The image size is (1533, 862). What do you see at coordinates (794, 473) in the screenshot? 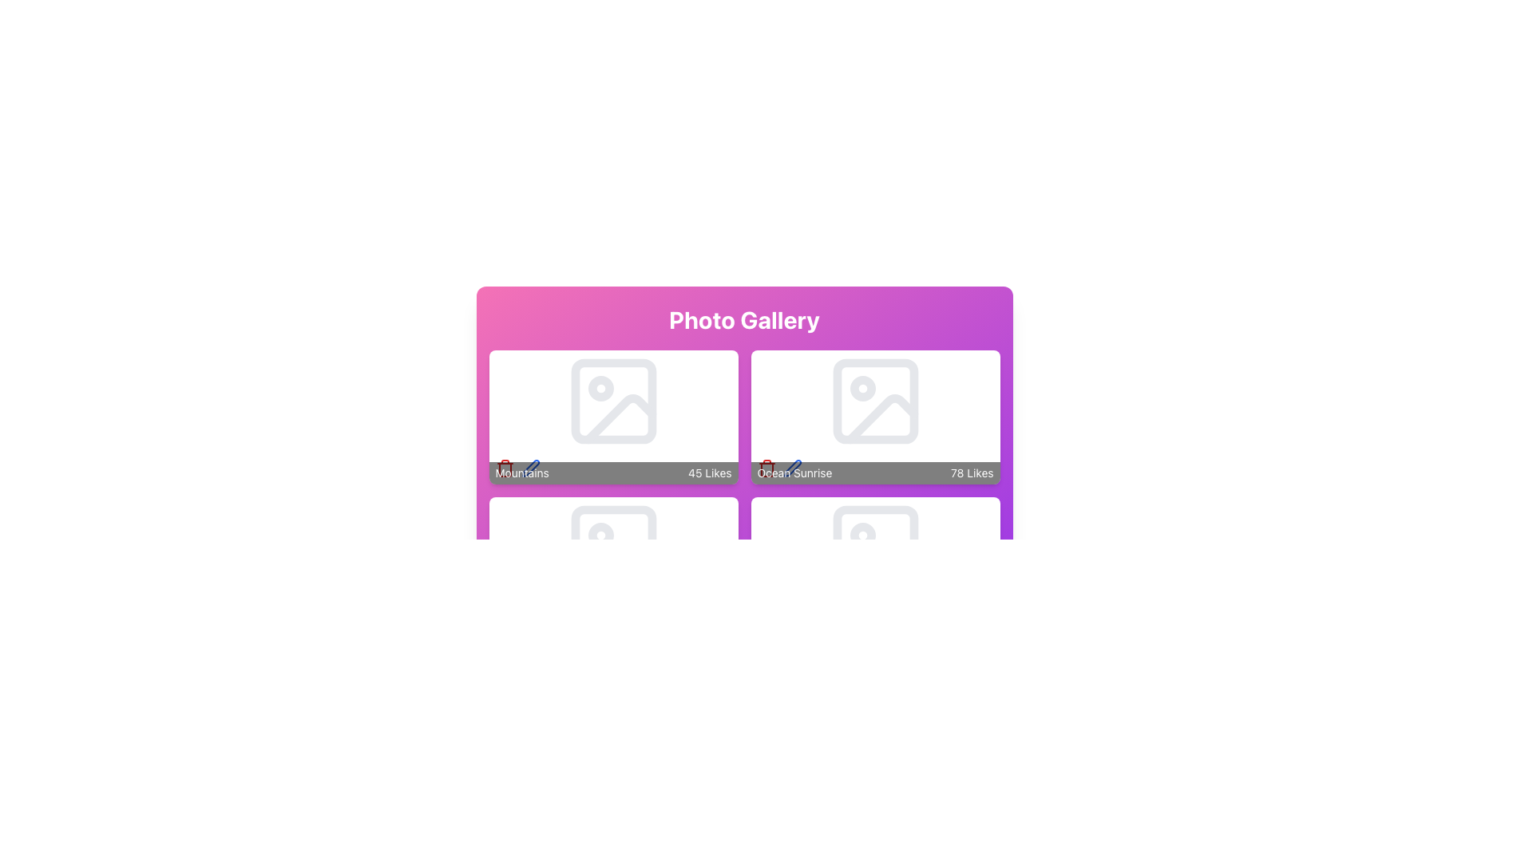
I see `text from the Text Label displaying 'Ocean Sunrise' in white against a black semi-transparent background, positioned next to the '78 Likes' element in the bottom-right quadrant` at bounding box center [794, 473].